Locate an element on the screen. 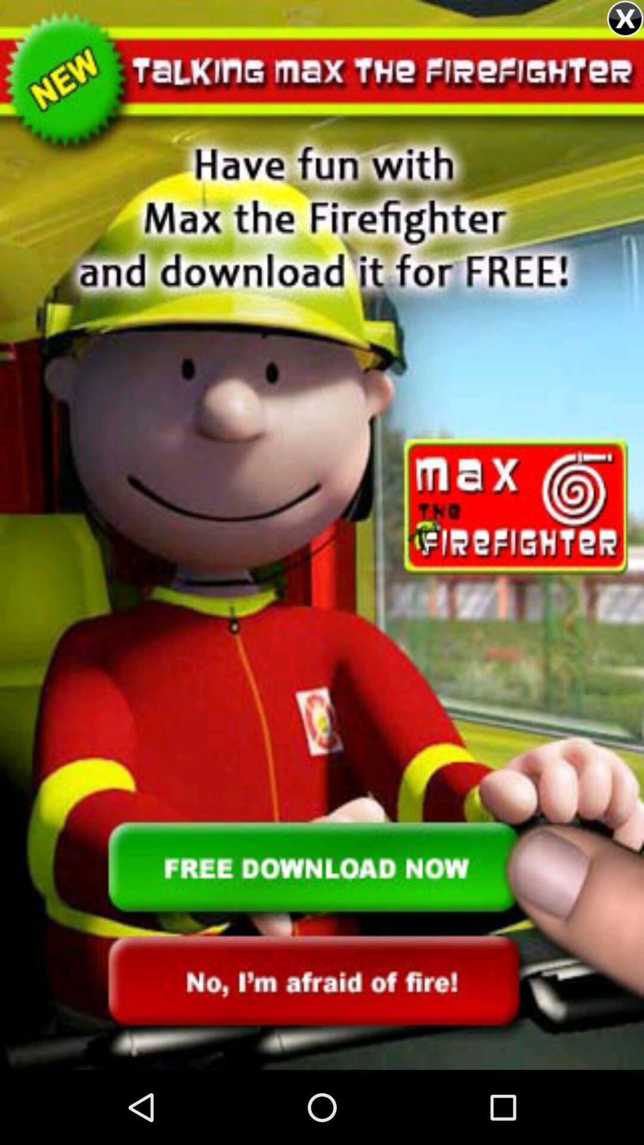 The width and height of the screenshot is (644, 1145). the close icon is located at coordinates (624, 20).